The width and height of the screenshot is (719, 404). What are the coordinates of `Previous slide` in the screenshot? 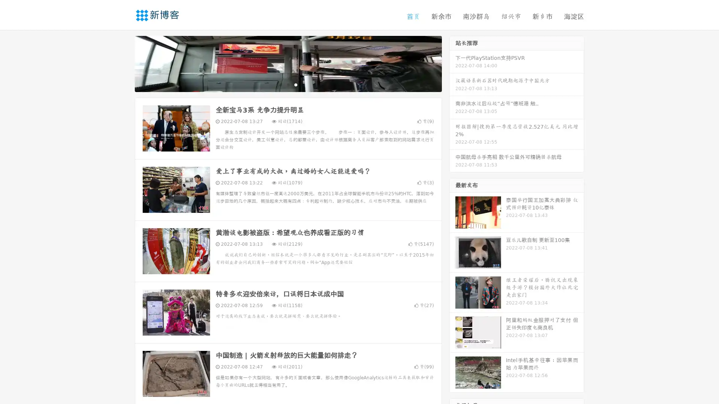 It's located at (124, 63).